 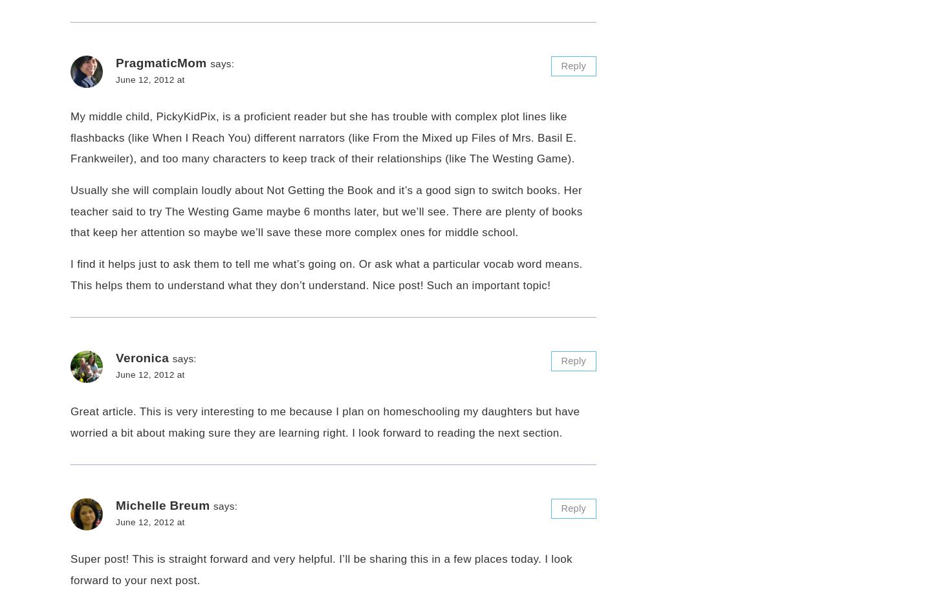 What do you see at coordinates (71, 211) in the screenshot?
I see `'Usually she will complain loudly about Not Getting the  Book and it’s a good sign to switch books. Her teacher said to try The Westing Game maybe 6 months later, but we’ll see. There are plenty of books that keep her attention so maybe we’ll save these more complex ones for middle school.'` at bounding box center [71, 211].